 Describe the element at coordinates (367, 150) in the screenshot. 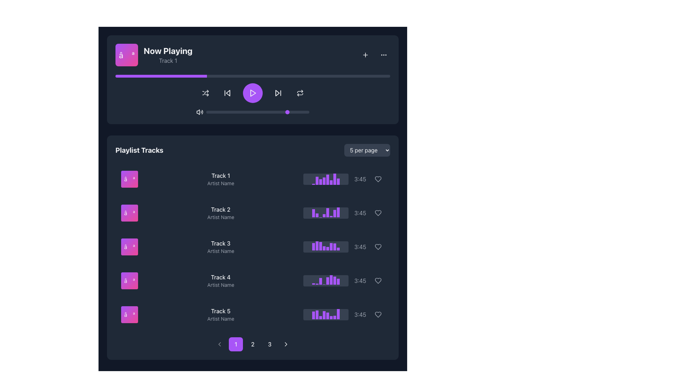

I see `the dropdown menu located in the upper right portion of the 'Playlist Tracks' section` at that location.